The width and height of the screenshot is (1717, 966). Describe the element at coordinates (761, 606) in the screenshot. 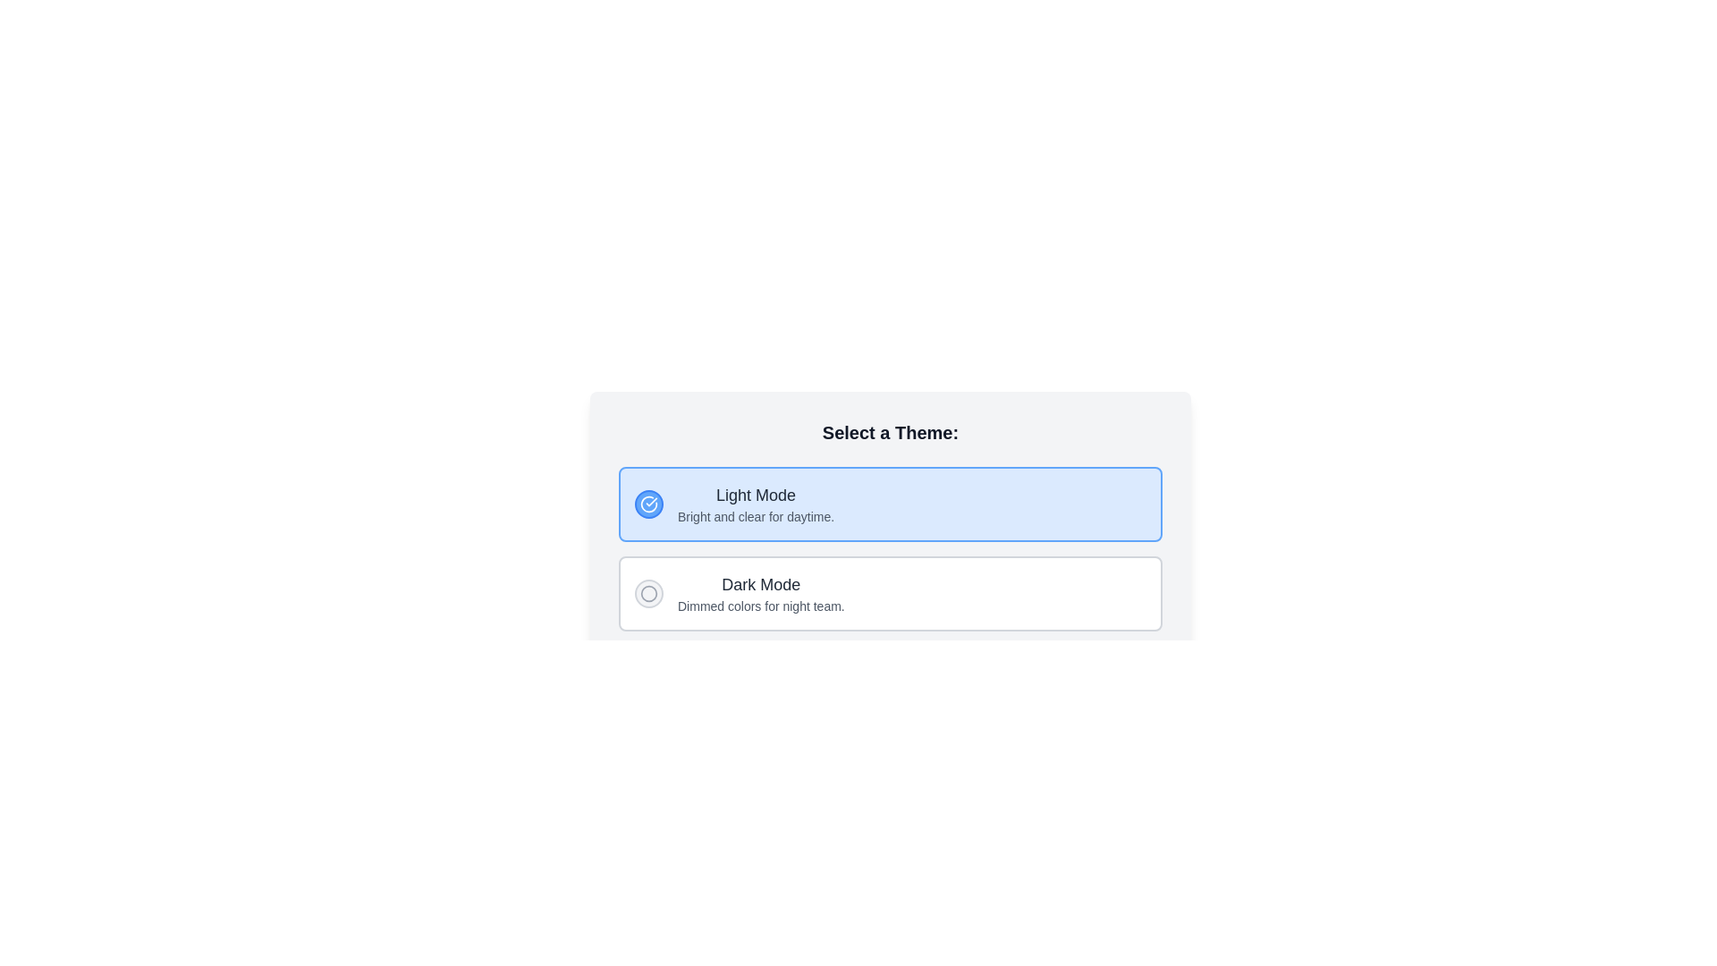

I see `the text label that reads 'Dimmed colors for night team.' located beneath the 'Dark Mode' option and aligned with the radio button` at that location.